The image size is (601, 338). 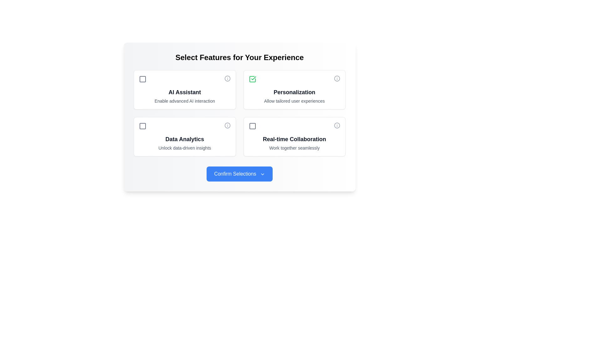 What do you see at coordinates (142, 79) in the screenshot?
I see `the inner rounded rectangle of the checkbox component adjacent to the 'AI Assistant' label in the top-left quadrant of the selection interface` at bounding box center [142, 79].